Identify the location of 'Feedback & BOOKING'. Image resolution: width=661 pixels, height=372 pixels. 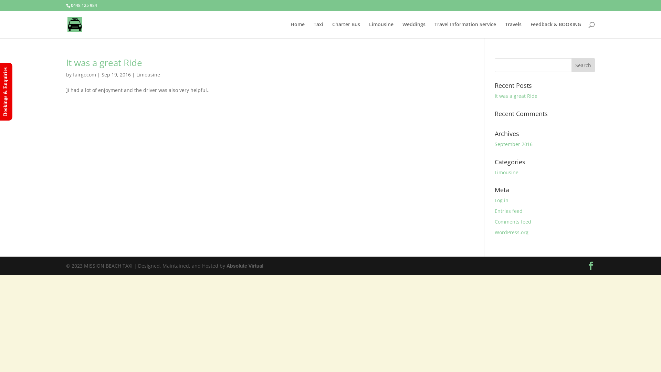
(556, 30).